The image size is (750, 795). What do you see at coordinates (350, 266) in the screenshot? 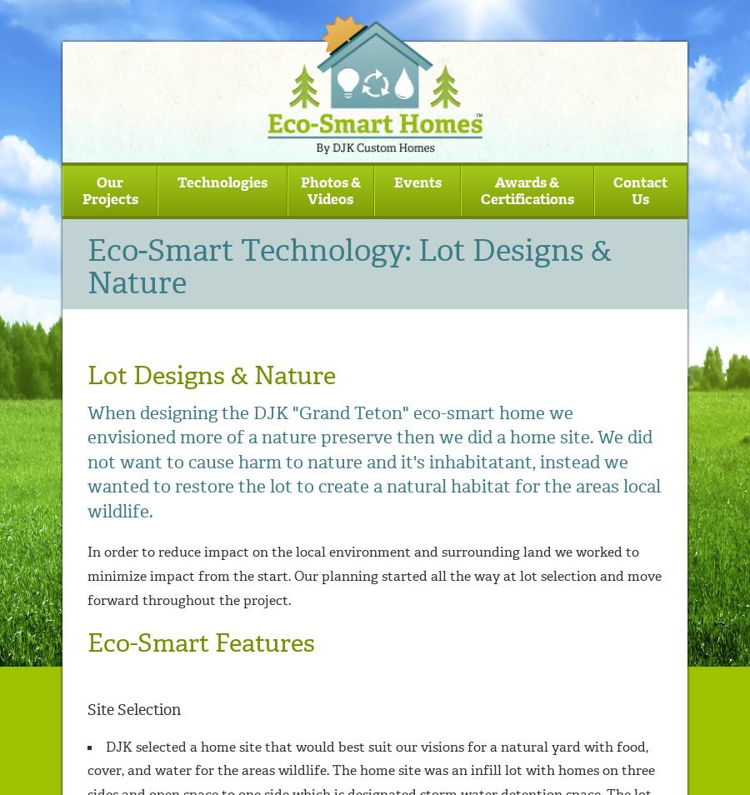
I see `'Eco-Smart Technology: Lot Designs & Nature'` at bounding box center [350, 266].